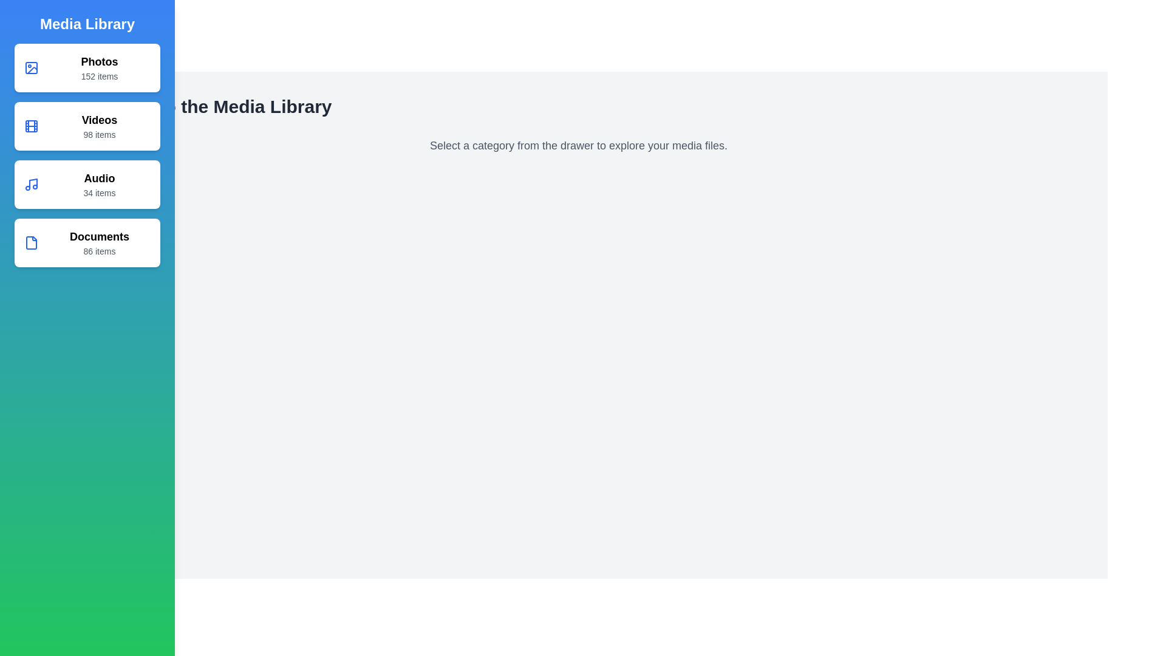 The image size is (1166, 656). Describe the element at coordinates (87, 126) in the screenshot. I see `the media category Videos from the list` at that location.